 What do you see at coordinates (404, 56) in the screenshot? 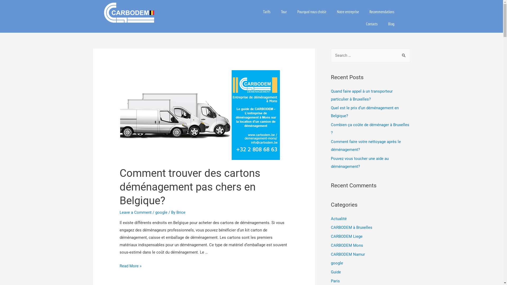
I see `'Search'` at bounding box center [404, 56].